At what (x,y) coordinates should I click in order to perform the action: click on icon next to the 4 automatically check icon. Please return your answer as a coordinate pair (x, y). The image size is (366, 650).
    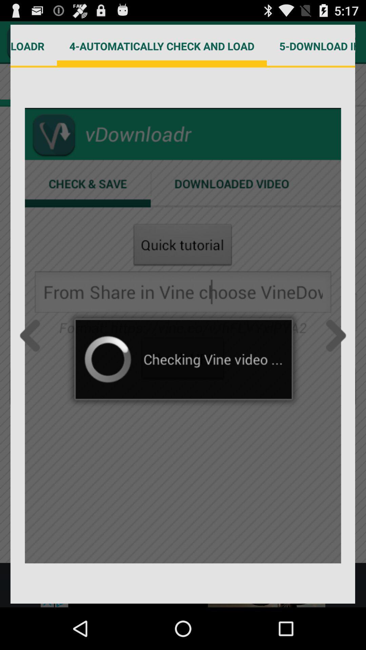
    Looking at the image, I should click on (34, 46).